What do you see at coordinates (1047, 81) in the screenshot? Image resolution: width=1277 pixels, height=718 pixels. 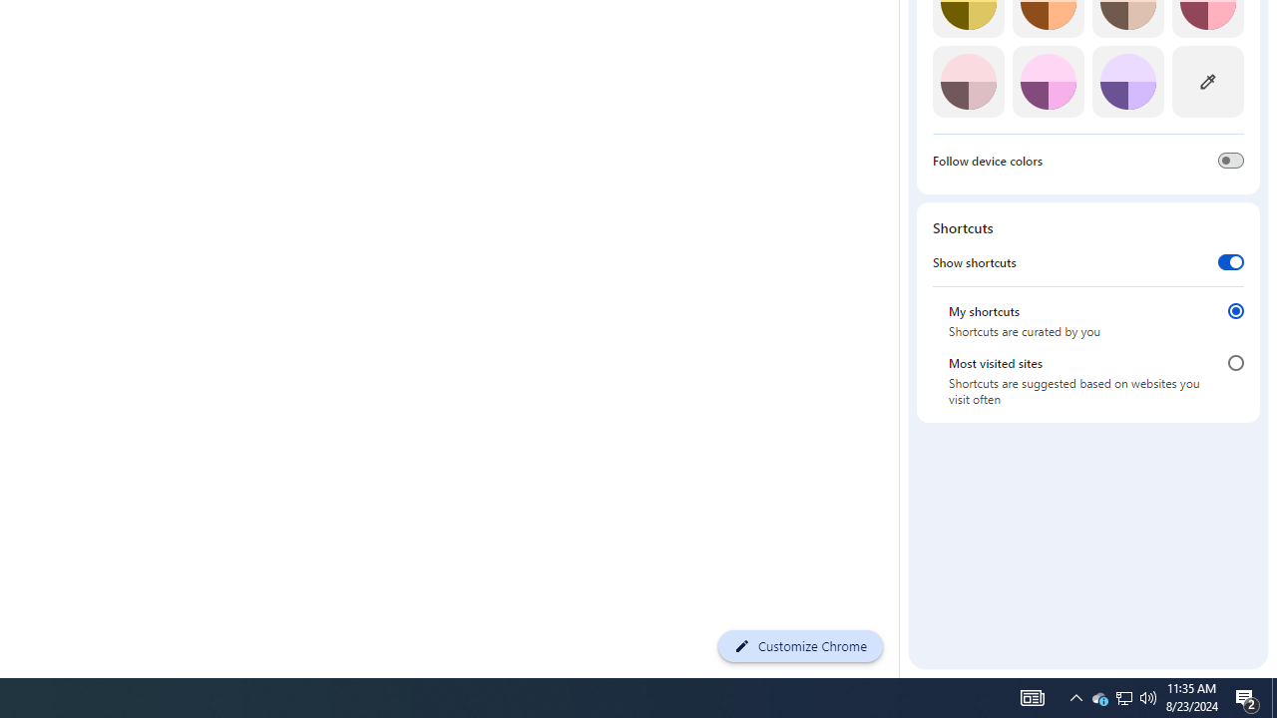 I see `'Fuchsia'` at bounding box center [1047, 81].